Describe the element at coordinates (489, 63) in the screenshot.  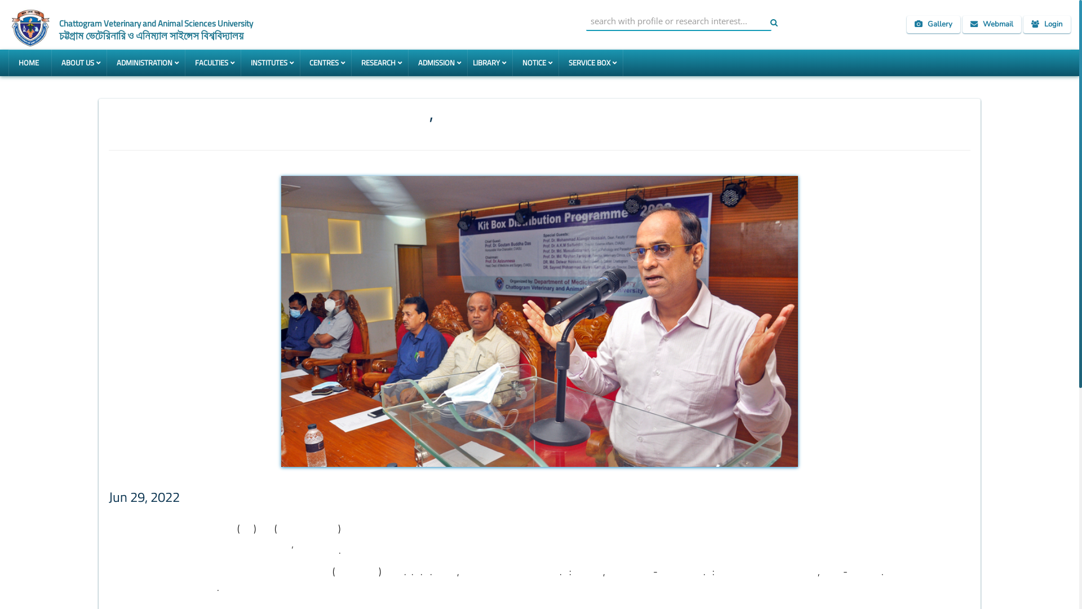
I see `'LIBRARY'` at that location.